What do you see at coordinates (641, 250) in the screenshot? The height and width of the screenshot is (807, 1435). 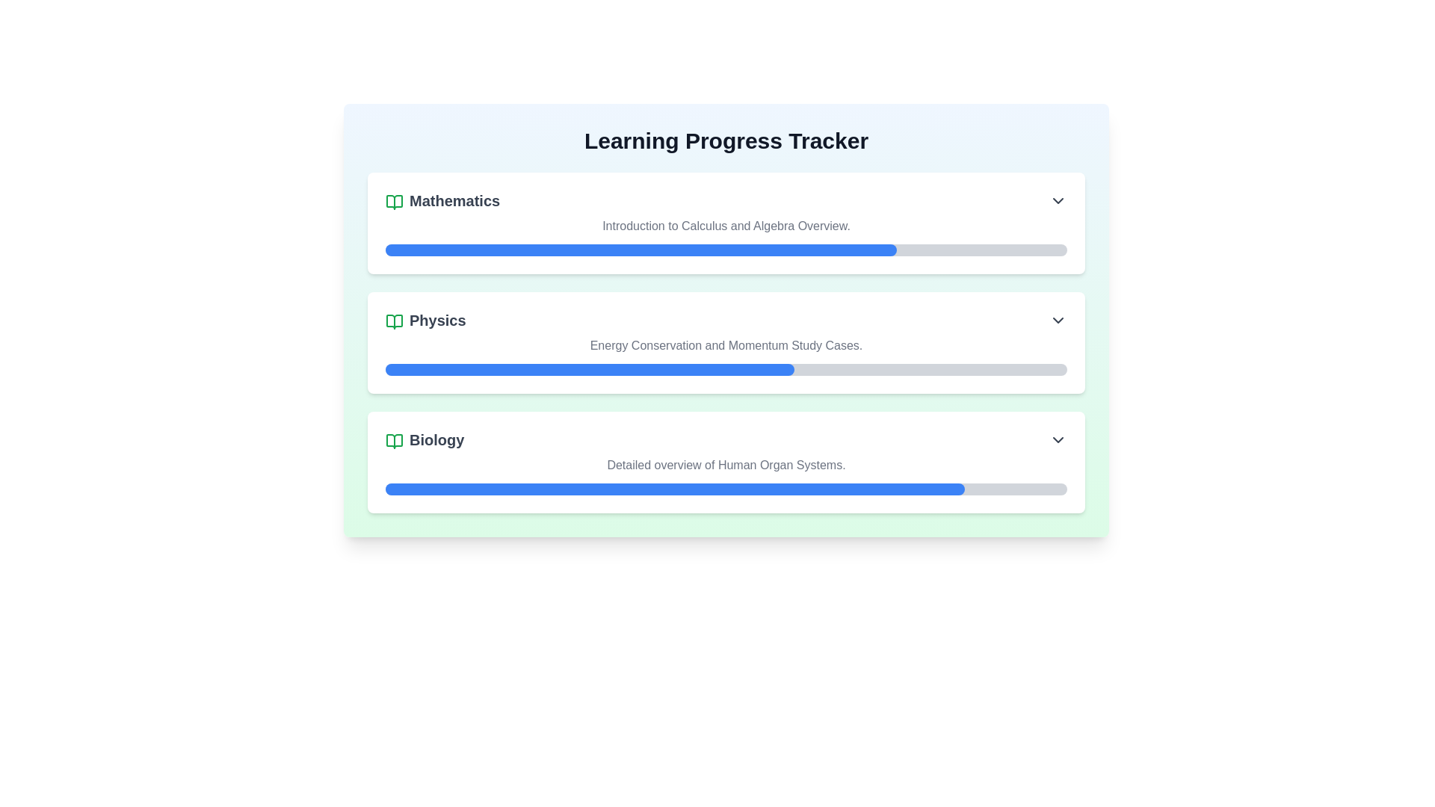 I see `the progress level of the Mathematics lesson, indicated by the progress bar segment located at the bottom of the Mathematics lesson card` at bounding box center [641, 250].